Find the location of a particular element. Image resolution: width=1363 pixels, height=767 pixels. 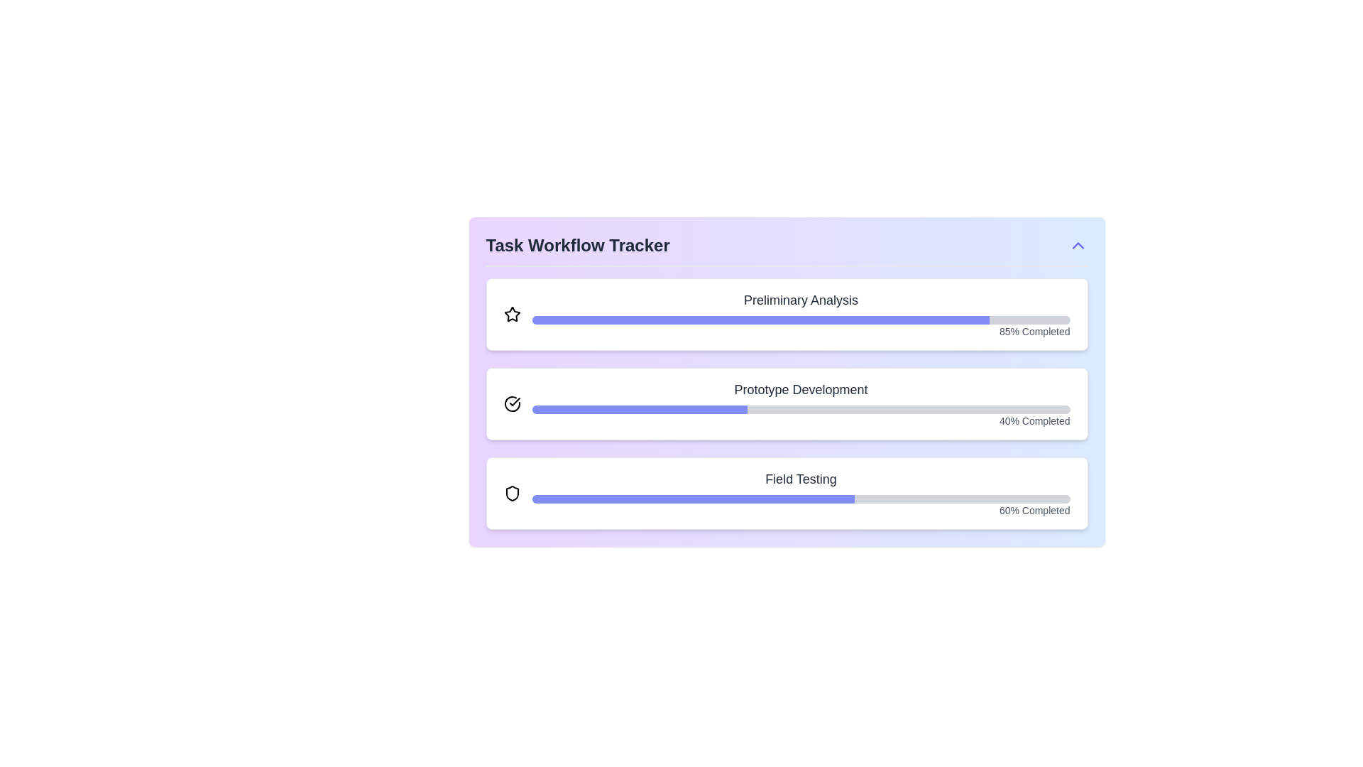

the checkmark icon within the circular outline in the 'Prototype Development' task row of the workflow tracker is located at coordinates (513, 402).